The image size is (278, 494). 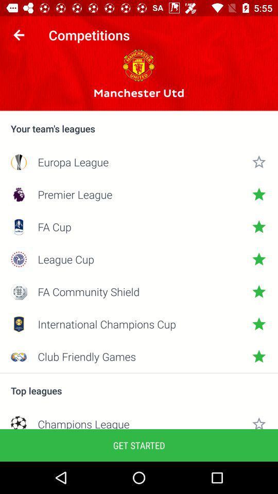 I want to click on the item above the top leagues, so click(x=139, y=373).